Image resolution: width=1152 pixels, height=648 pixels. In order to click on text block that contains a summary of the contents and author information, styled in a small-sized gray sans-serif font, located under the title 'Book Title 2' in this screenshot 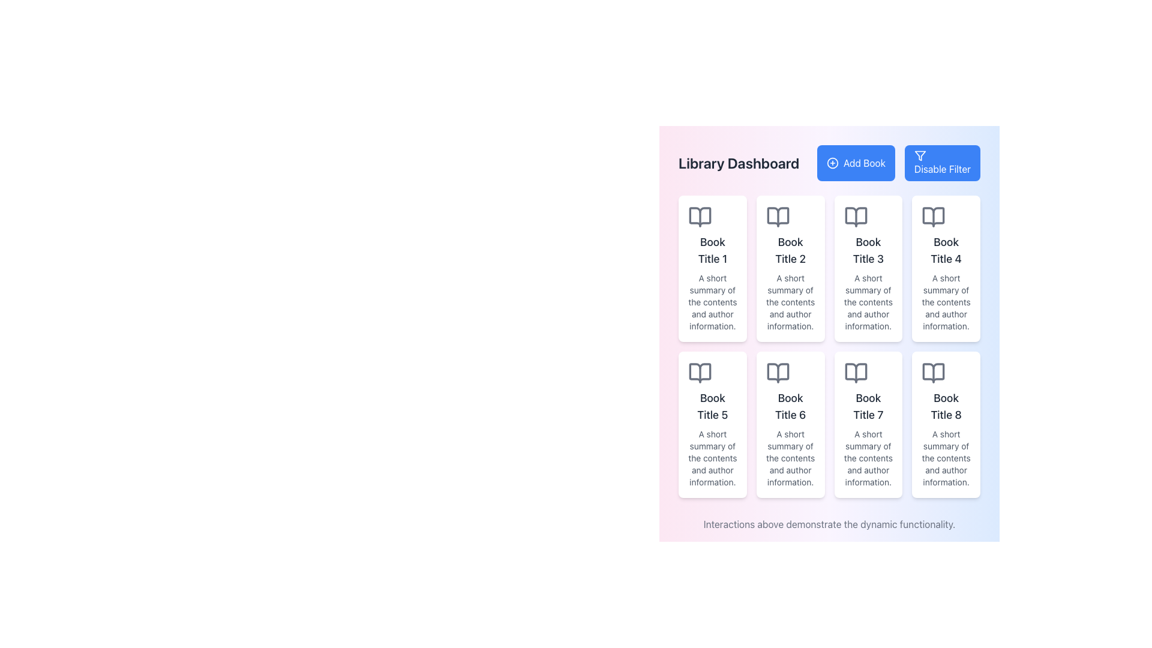, I will do `click(790, 302)`.